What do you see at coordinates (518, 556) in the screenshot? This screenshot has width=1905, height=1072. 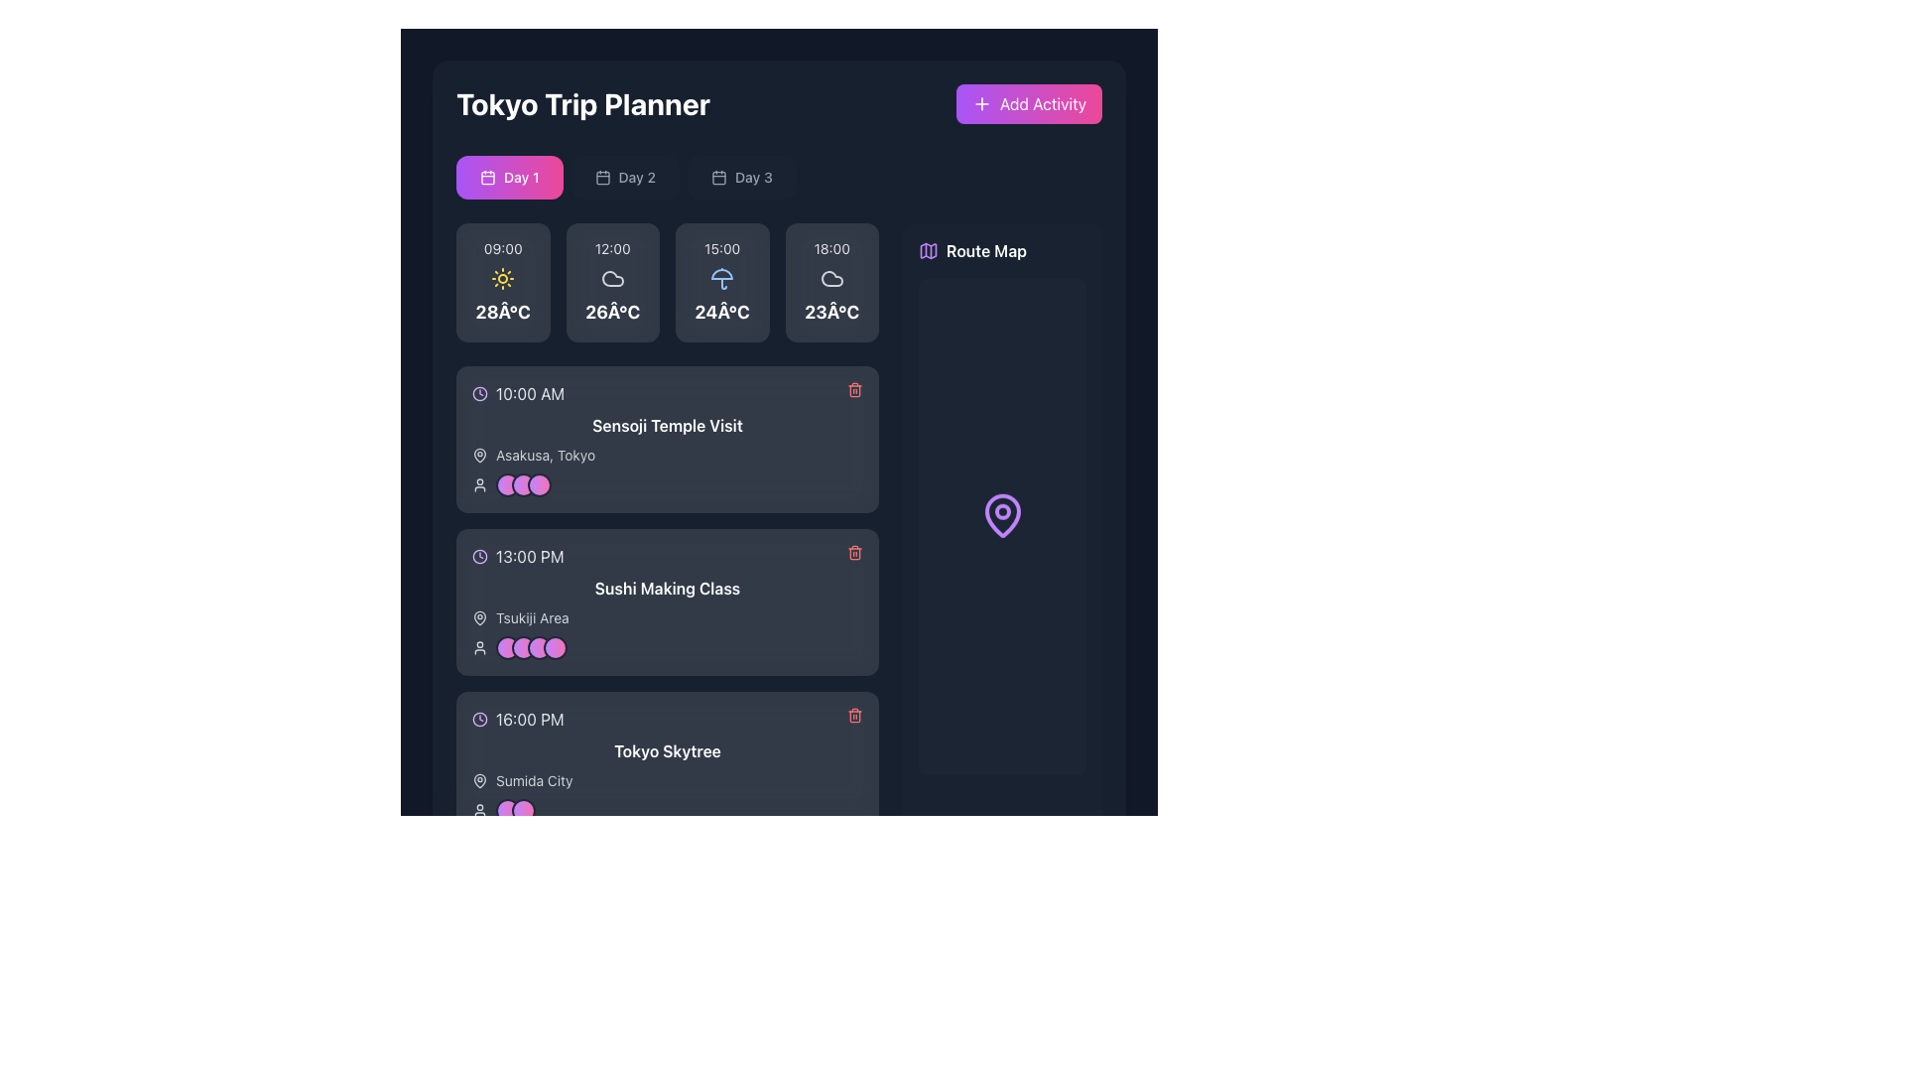 I see `the labeled icon with a clock icon and the text '13:00 PM', which is styled in light color on a dark theme, located to the left of the activity title 'Sushi Making Class'` at bounding box center [518, 556].